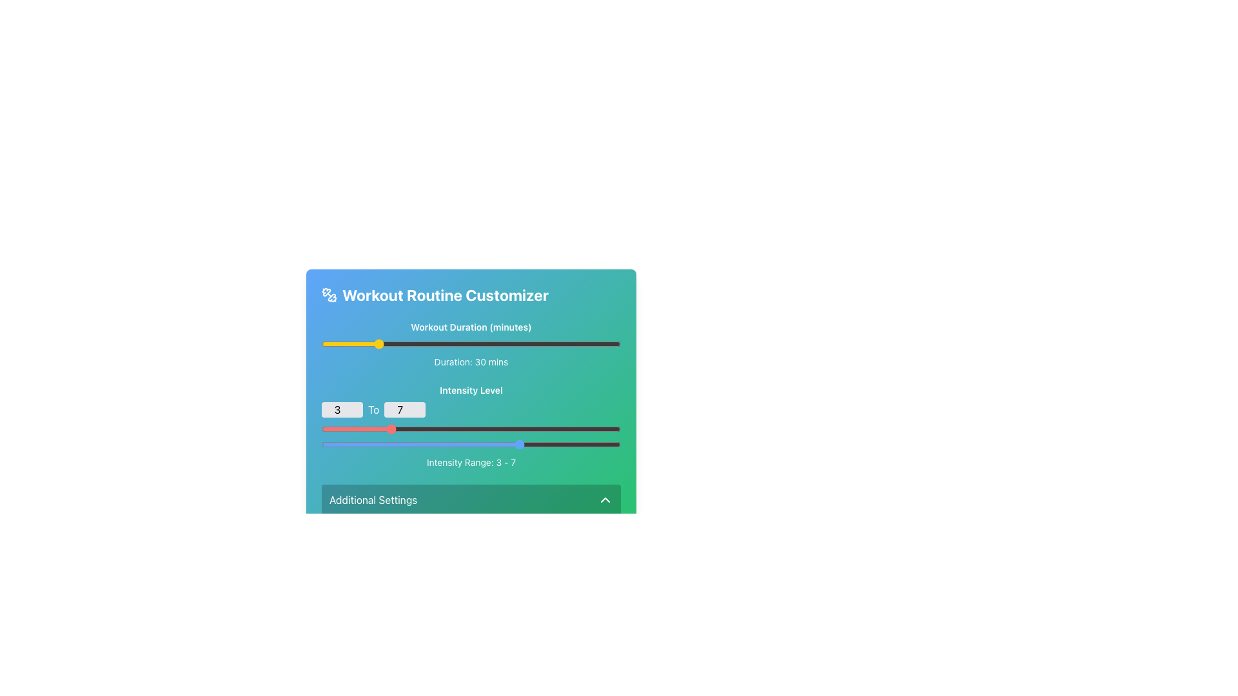 The height and width of the screenshot is (696, 1238). Describe the element at coordinates (343, 343) in the screenshot. I see `workout duration` at that location.